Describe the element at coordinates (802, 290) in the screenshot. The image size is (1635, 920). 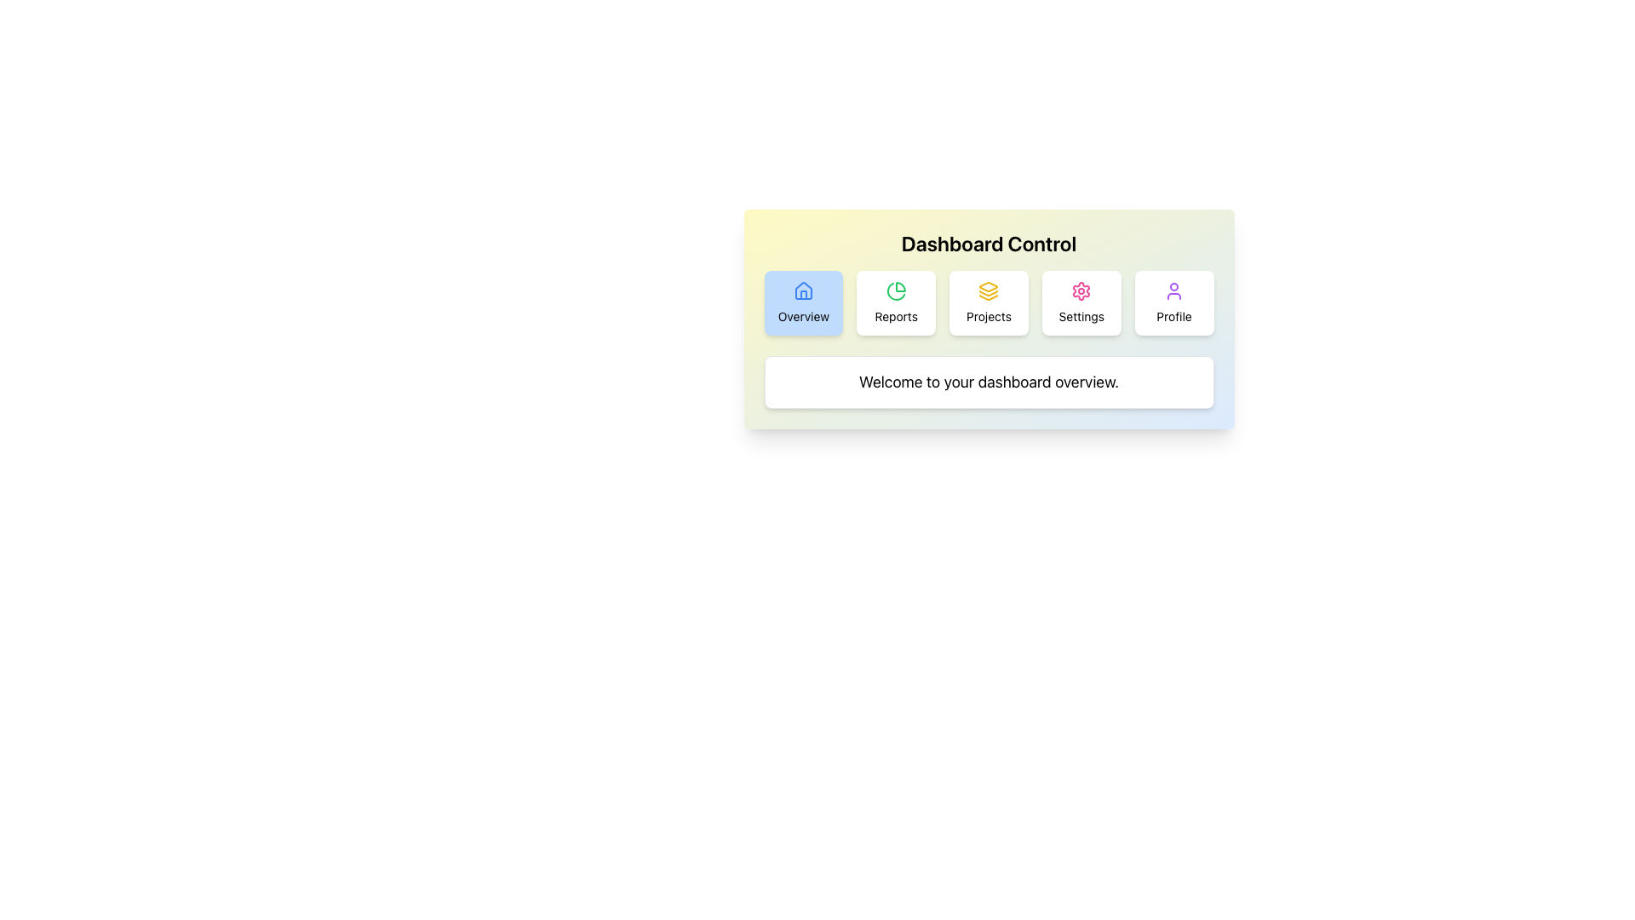
I see `the blue house icon located inside the 'Overview' button, which is the leftmost button in the navigation bar at the top of the dashboard` at that location.